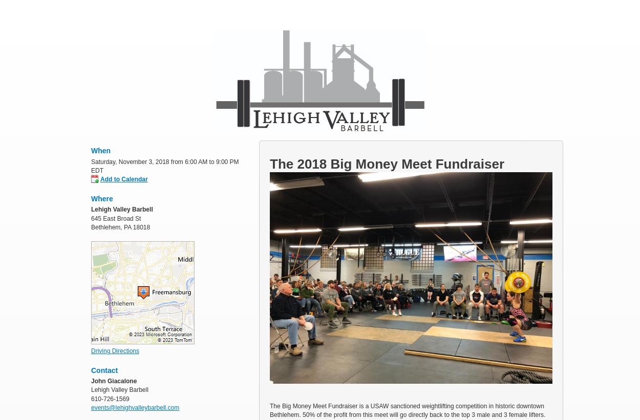 This screenshot has height=420, width=640. What do you see at coordinates (91, 198) in the screenshot?
I see `'Where'` at bounding box center [91, 198].